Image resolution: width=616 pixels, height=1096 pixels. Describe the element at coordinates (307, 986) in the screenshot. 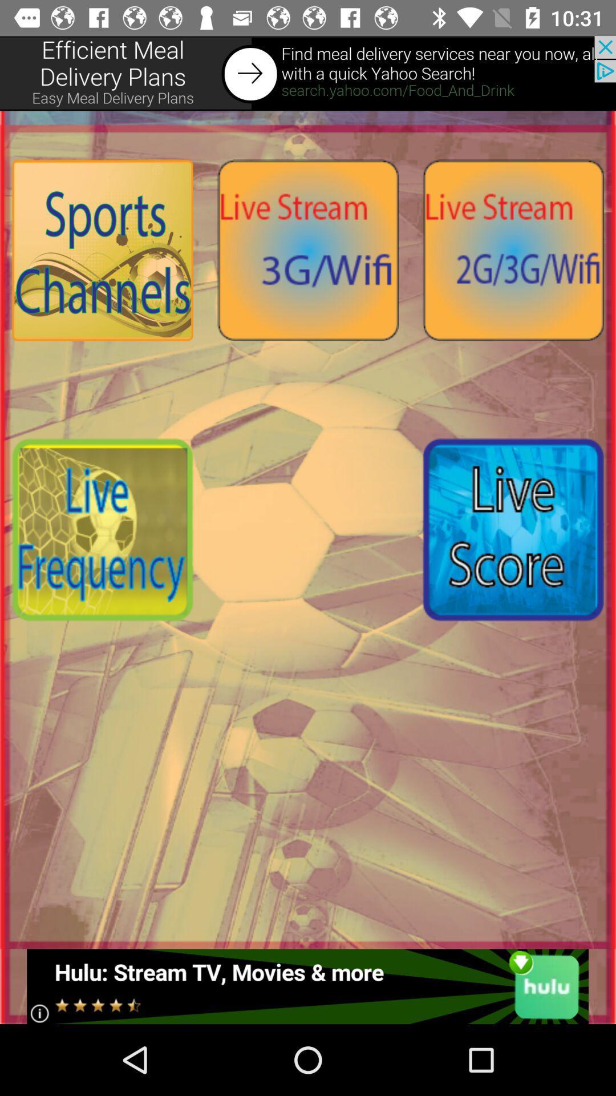

I see `click advertisement` at that location.